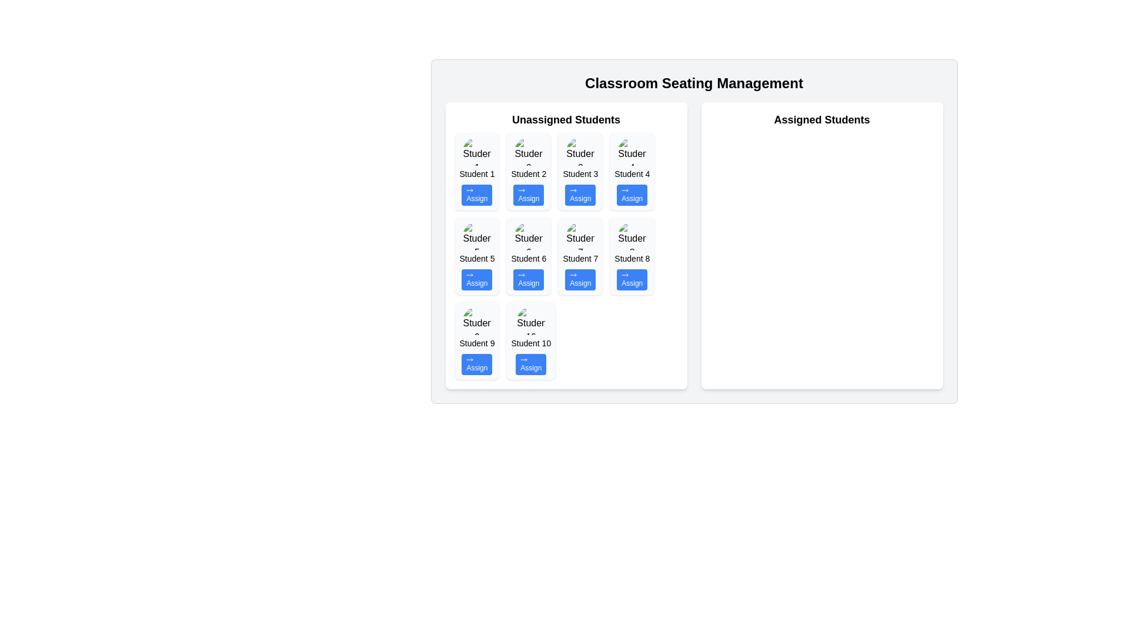 The width and height of the screenshot is (1129, 635). I want to click on the 'Assign' button with a blue background located in the third column of the 'Unassigned Students' section associated with 'Student 7', so click(580, 279).